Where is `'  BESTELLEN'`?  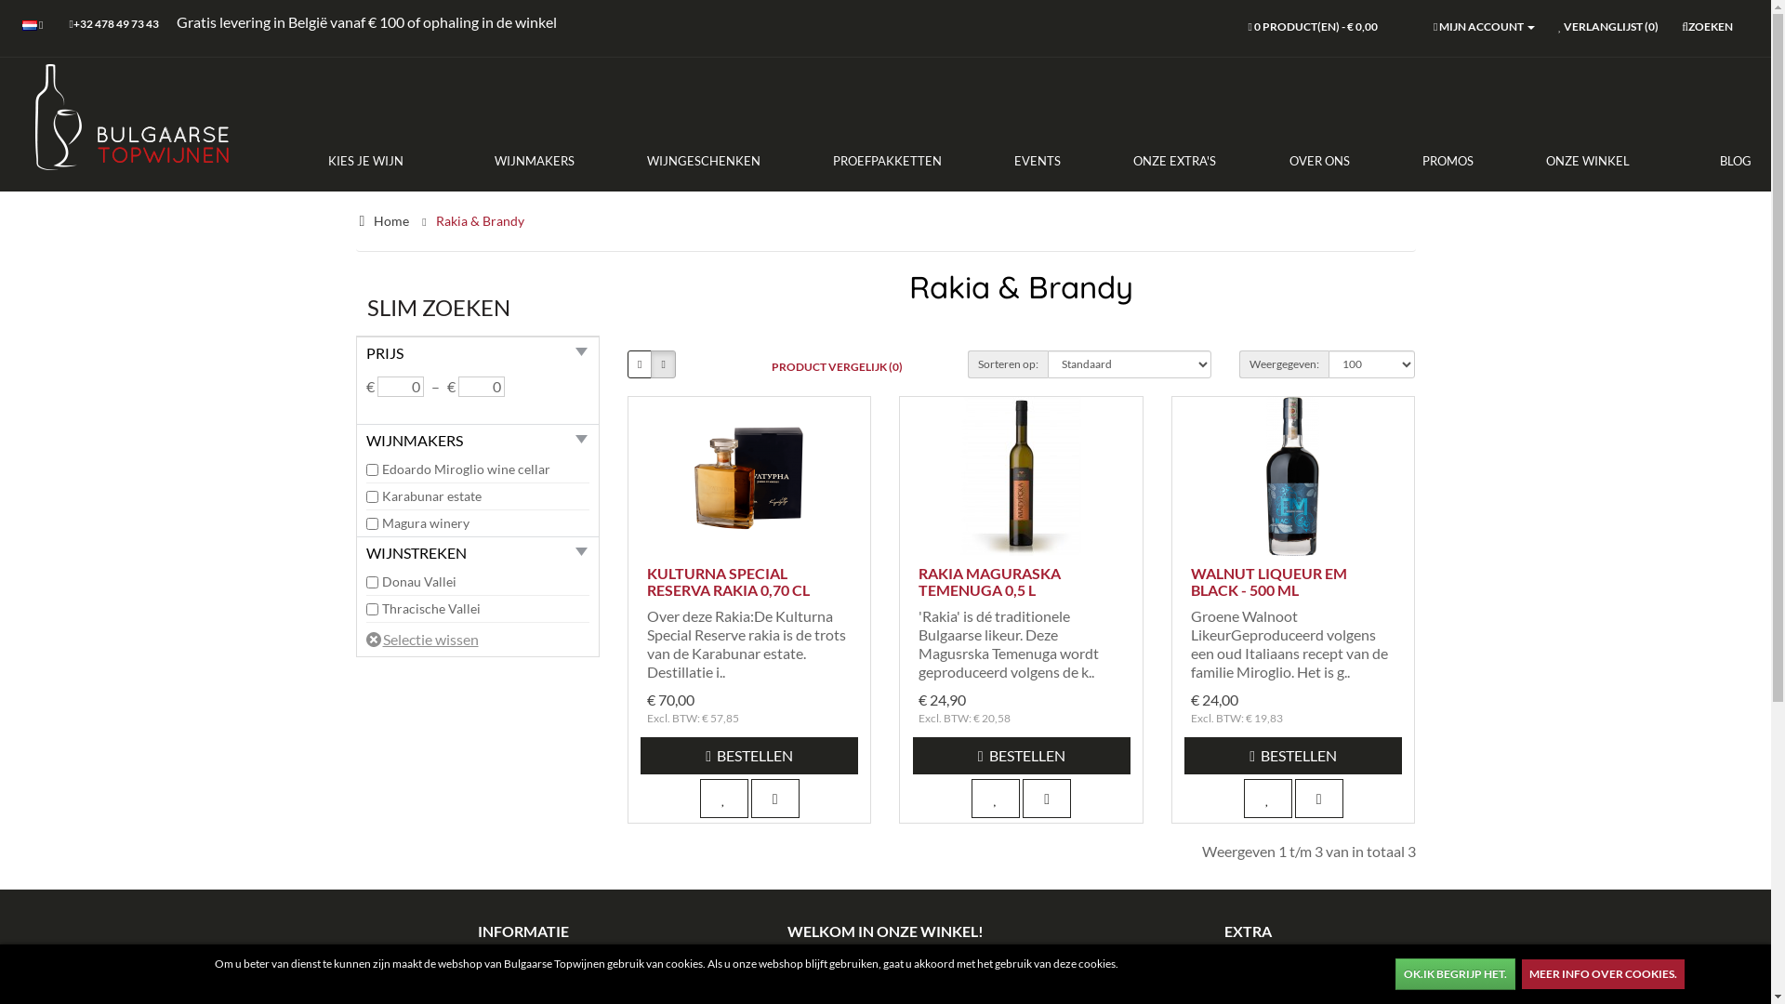 '  BESTELLEN' is located at coordinates (749, 756).